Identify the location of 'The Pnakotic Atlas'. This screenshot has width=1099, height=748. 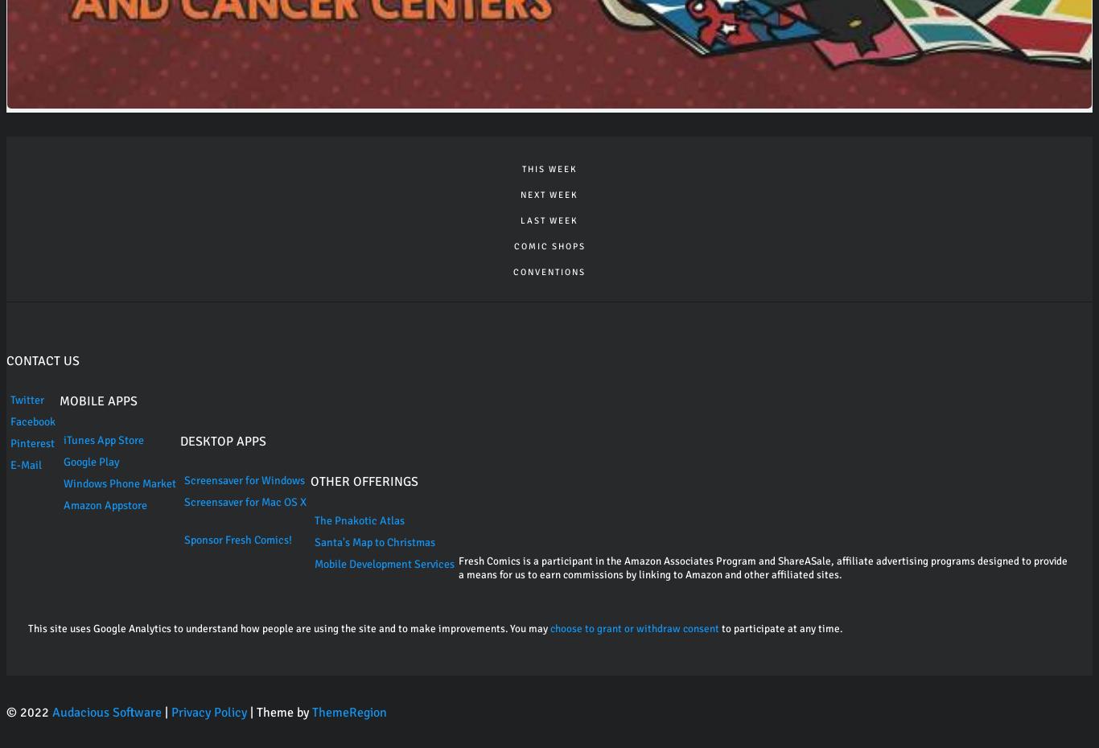
(358, 519).